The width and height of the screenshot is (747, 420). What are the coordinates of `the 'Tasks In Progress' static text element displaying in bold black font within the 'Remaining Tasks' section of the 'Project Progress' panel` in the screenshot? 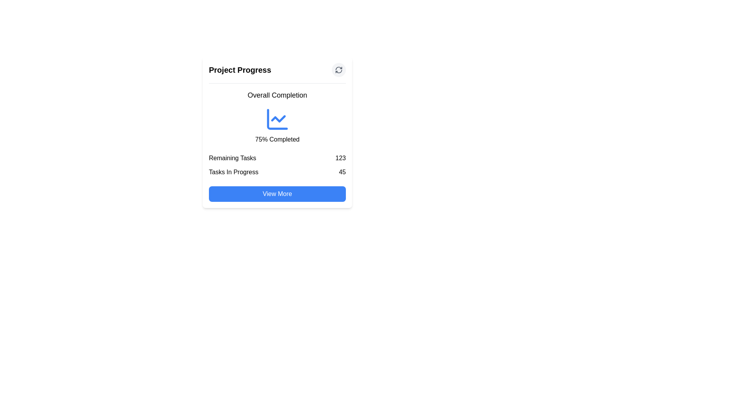 It's located at (233, 172).